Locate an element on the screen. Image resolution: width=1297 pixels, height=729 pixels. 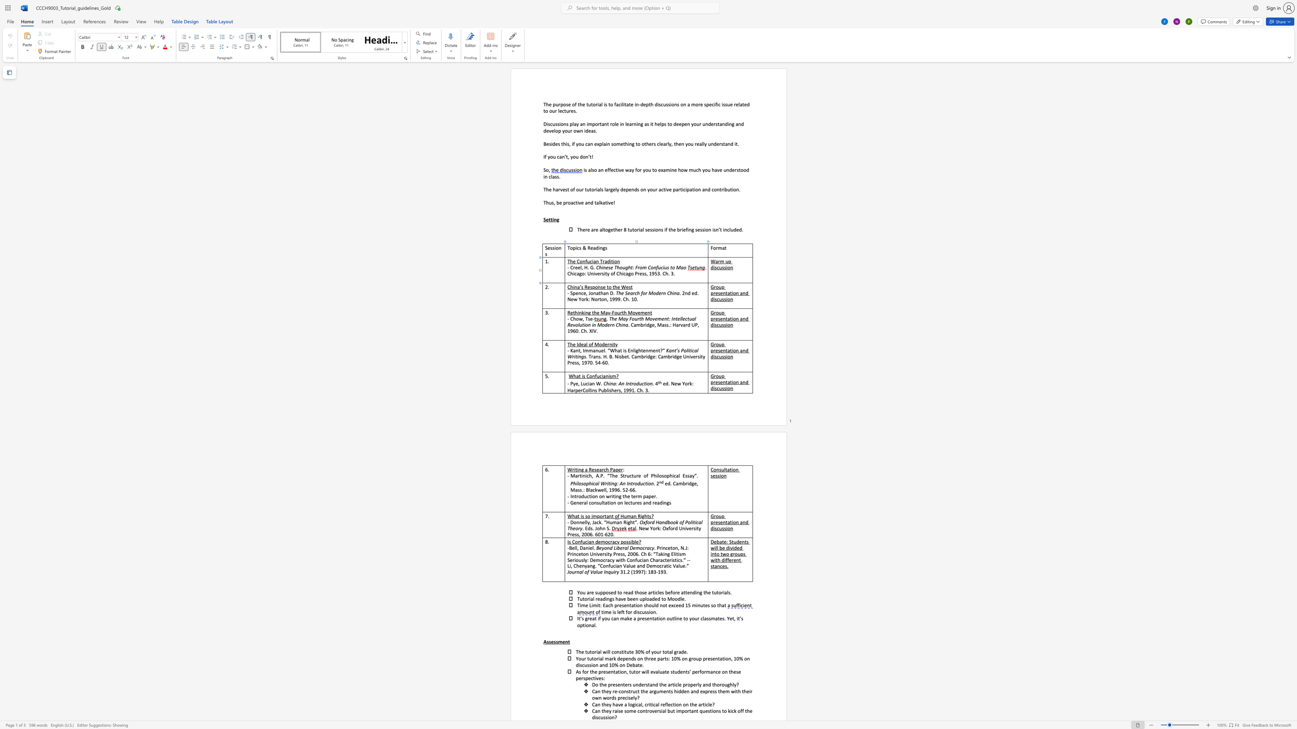
the 3th character "u" in the text is located at coordinates (666, 267).